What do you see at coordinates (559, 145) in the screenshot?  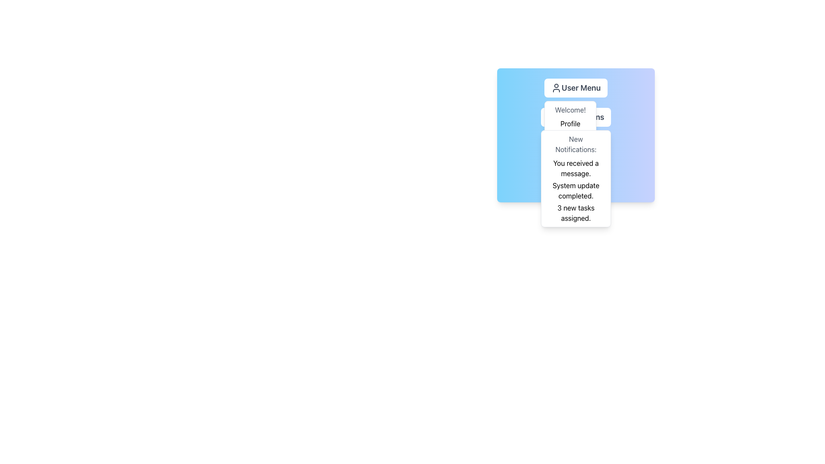 I see `the green speech bubble icon within the 'Contact Support' section` at bounding box center [559, 145].